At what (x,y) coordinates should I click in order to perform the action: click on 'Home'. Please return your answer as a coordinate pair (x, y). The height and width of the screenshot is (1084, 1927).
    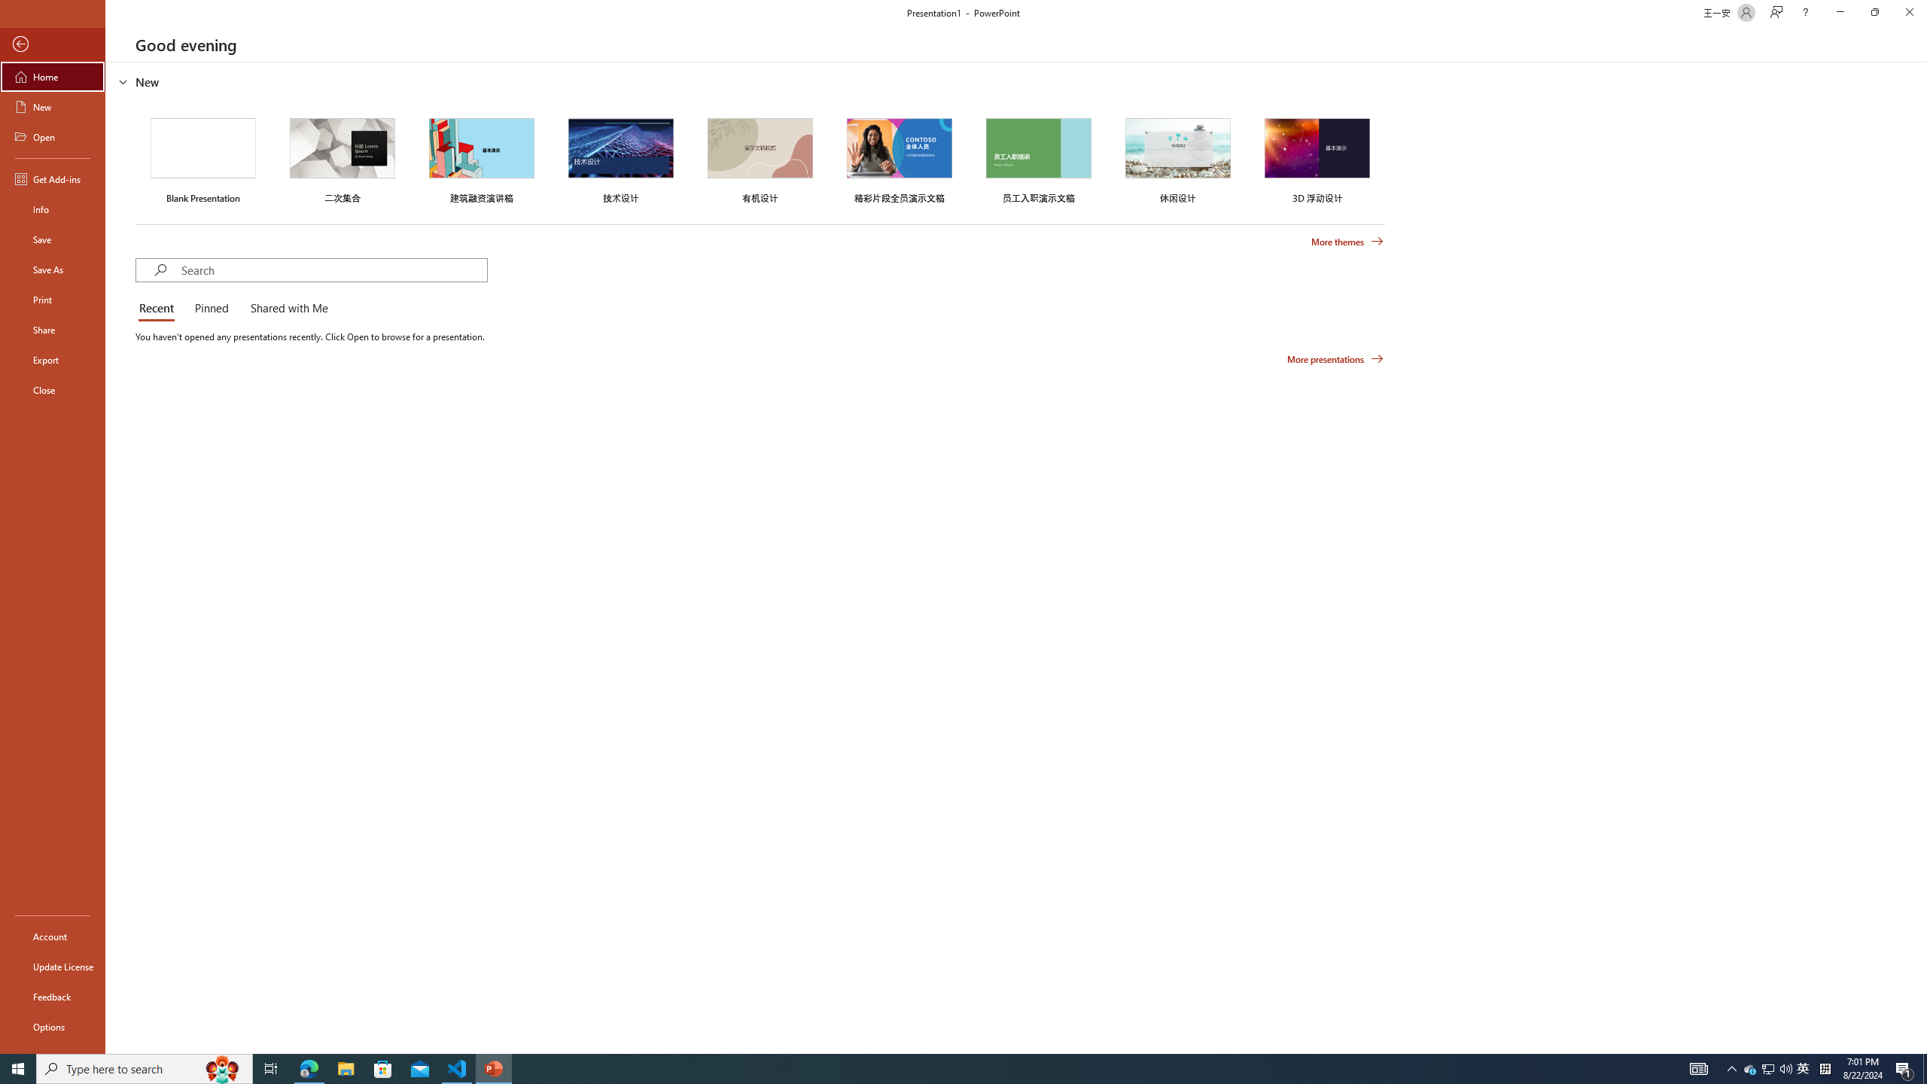
    Looking at the image, I should click on (52, 77).